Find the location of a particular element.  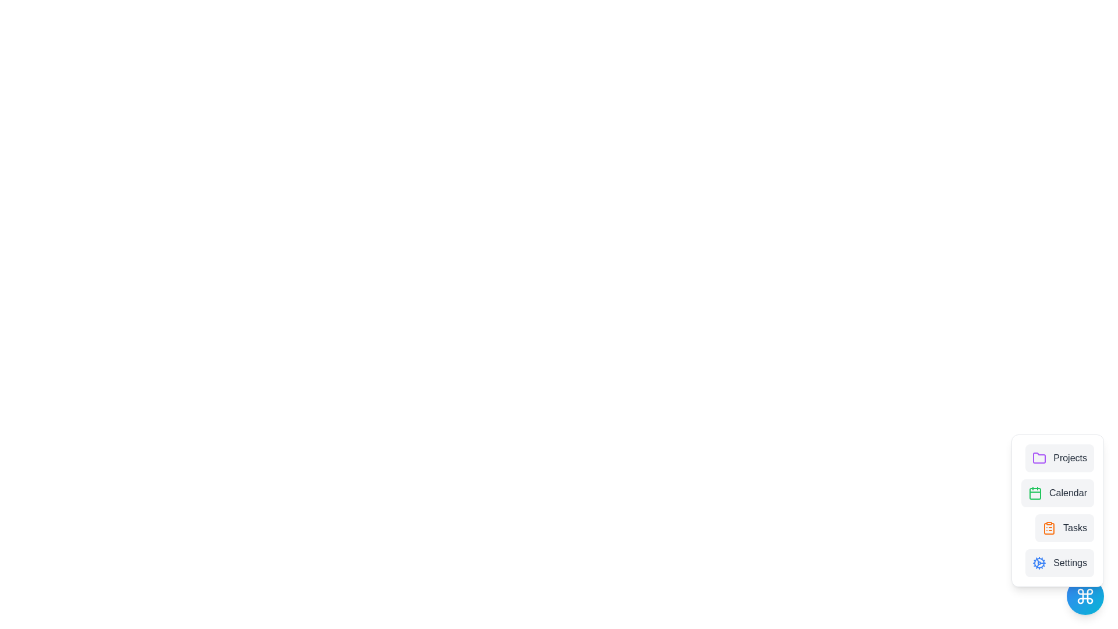

the bottom-right button to toggle the menu visibility is located at coordinates (1084, 596).